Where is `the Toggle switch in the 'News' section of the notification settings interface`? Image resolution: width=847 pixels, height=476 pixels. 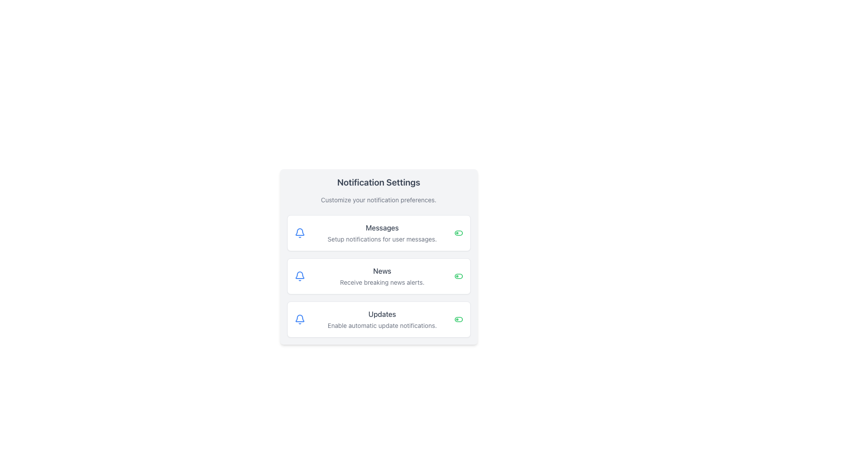
the Toggle switch in the 'News' section of the notification settings interface is located at coordinates (458, 276).